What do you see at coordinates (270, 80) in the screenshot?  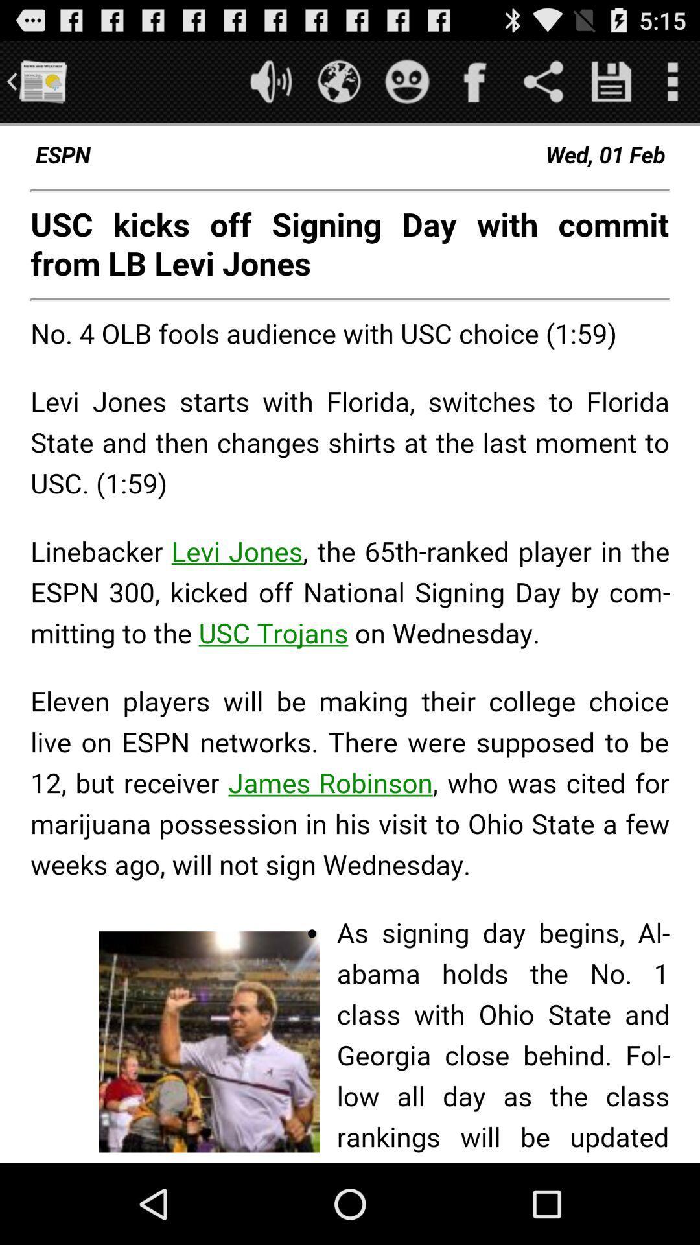 I see `sound` at bounding box center [270, 80].